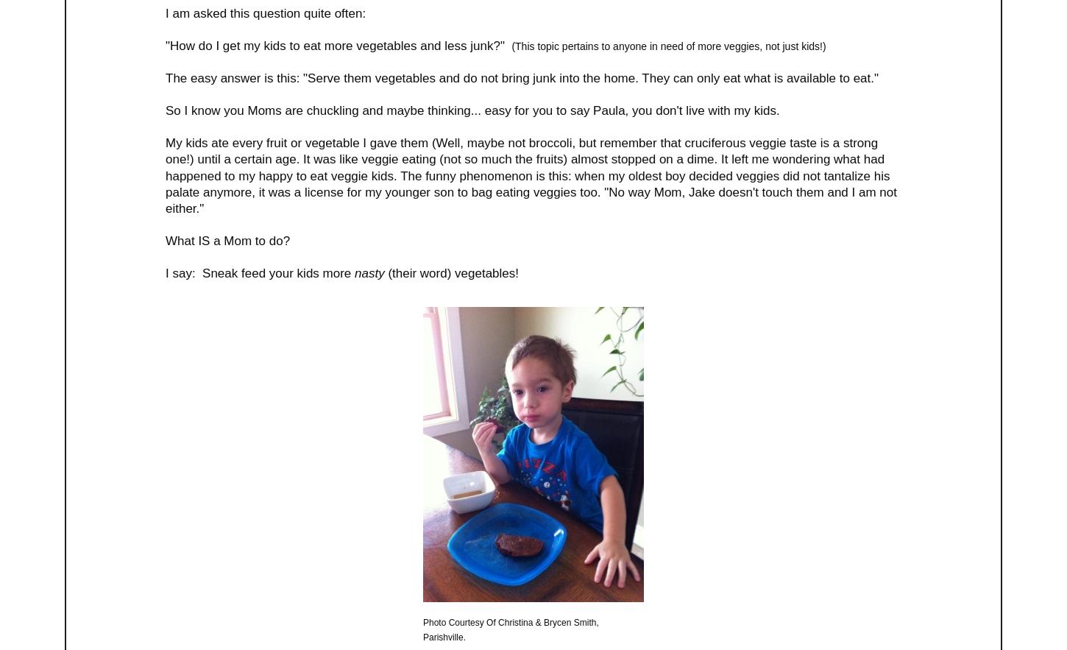  What do you see at coordinates (672, 44) in the screenshot?
I see `'his topic pertains to anyone in need of more veggies, not just kids!)'` at bounding box center [672, 44].